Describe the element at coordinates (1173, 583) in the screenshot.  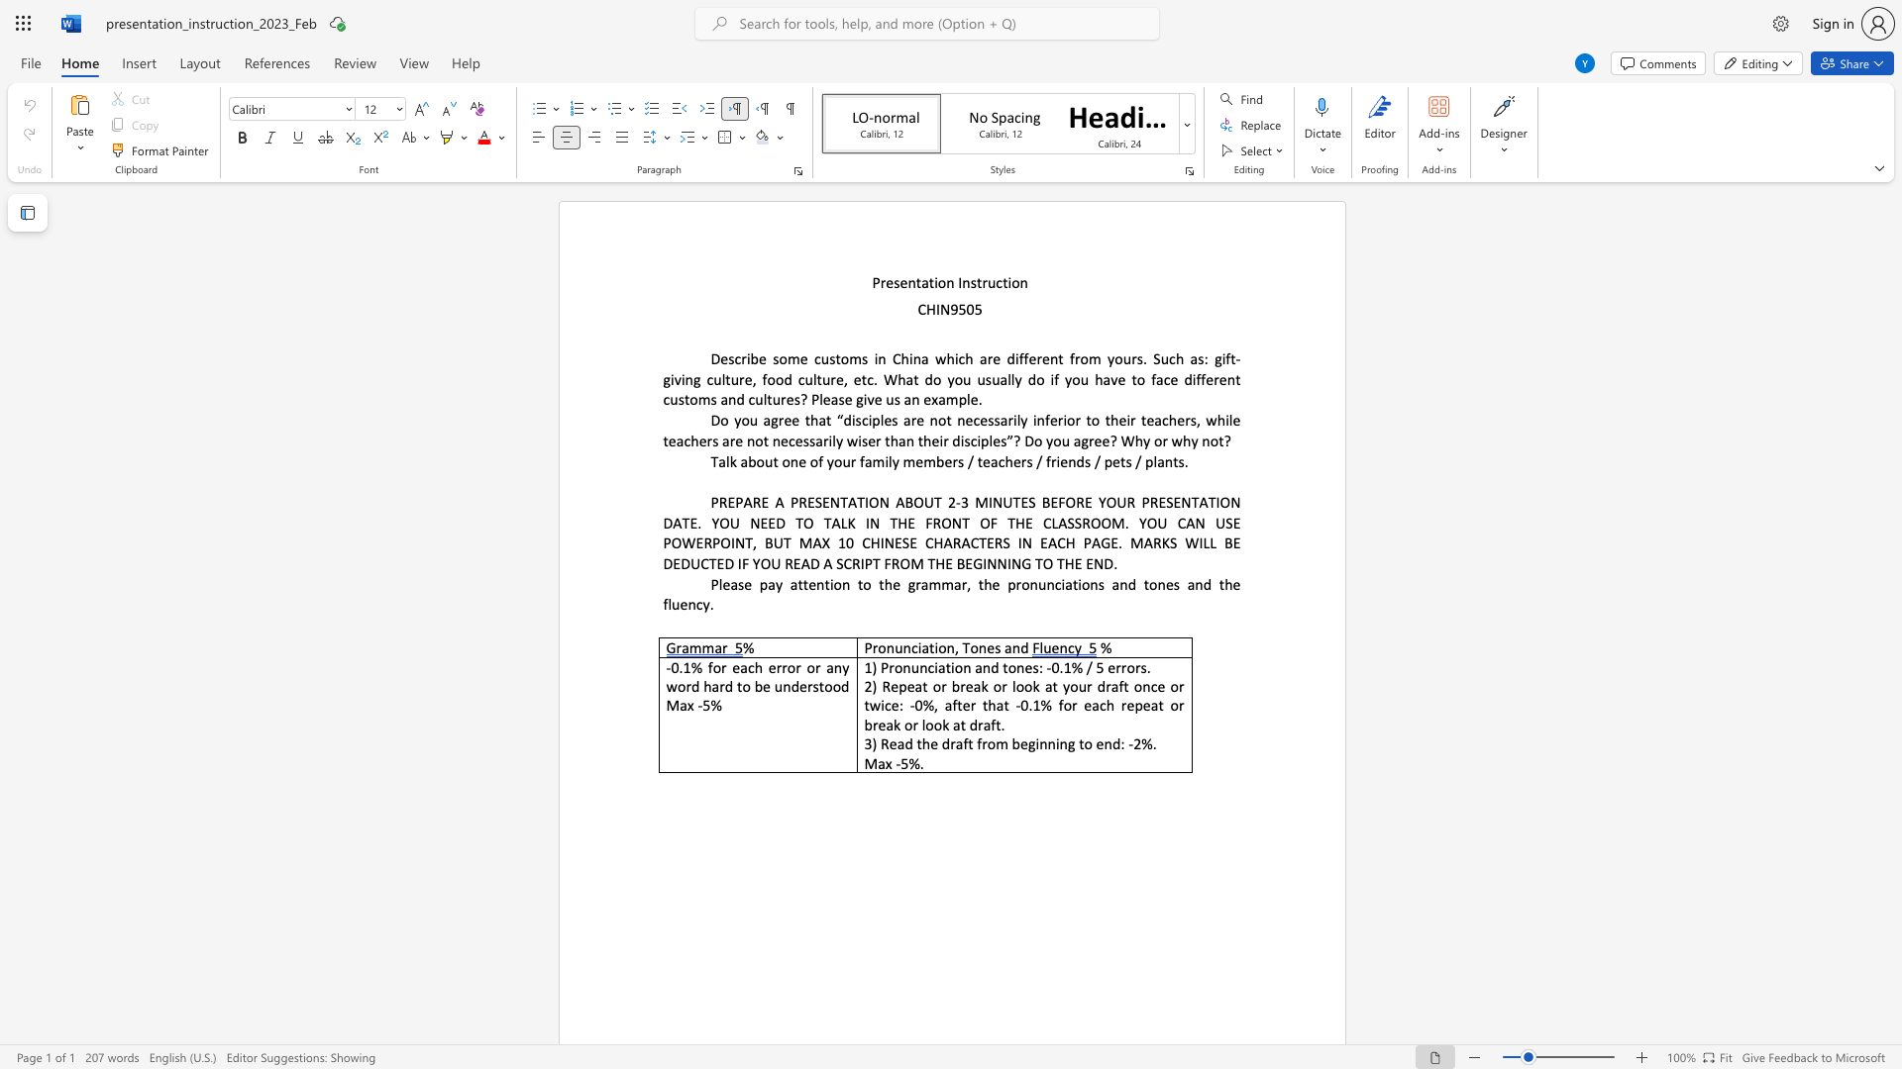
I see `the subset text "s and the fluency" within the text "Please pay attention to the grammar, the pronunciations and tones and the fluency."` at that location.